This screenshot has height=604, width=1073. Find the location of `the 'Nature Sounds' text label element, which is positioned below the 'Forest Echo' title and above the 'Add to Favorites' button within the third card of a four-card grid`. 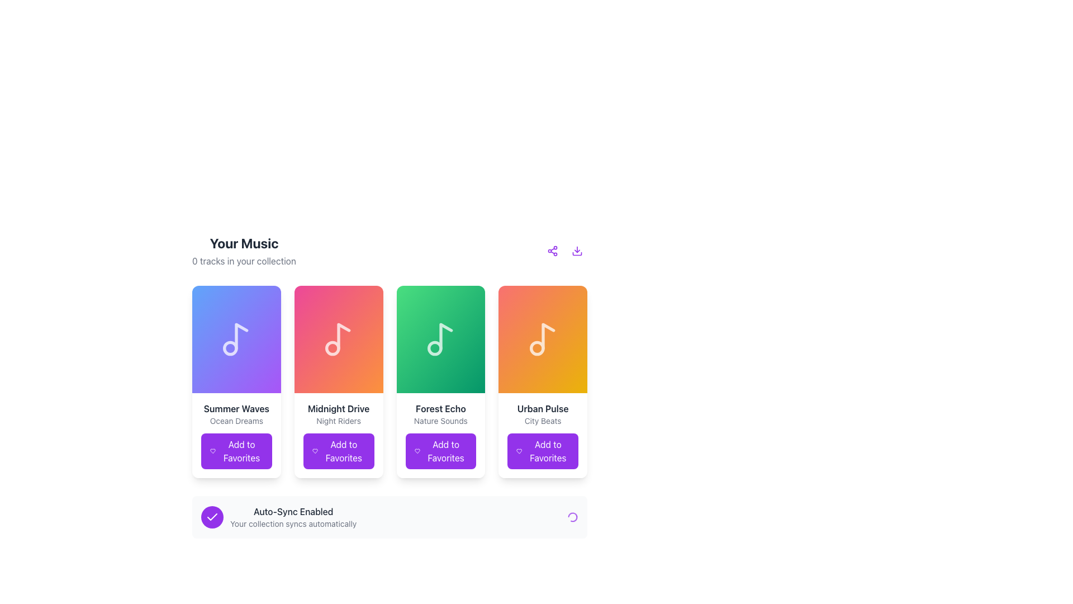

the 'Nature Sounds' text label element, which is positioned below the 'Forest Echo' title and above the 'Add to Favorites' button within the third card of a four-card grid is located at coordinates (440, 421).